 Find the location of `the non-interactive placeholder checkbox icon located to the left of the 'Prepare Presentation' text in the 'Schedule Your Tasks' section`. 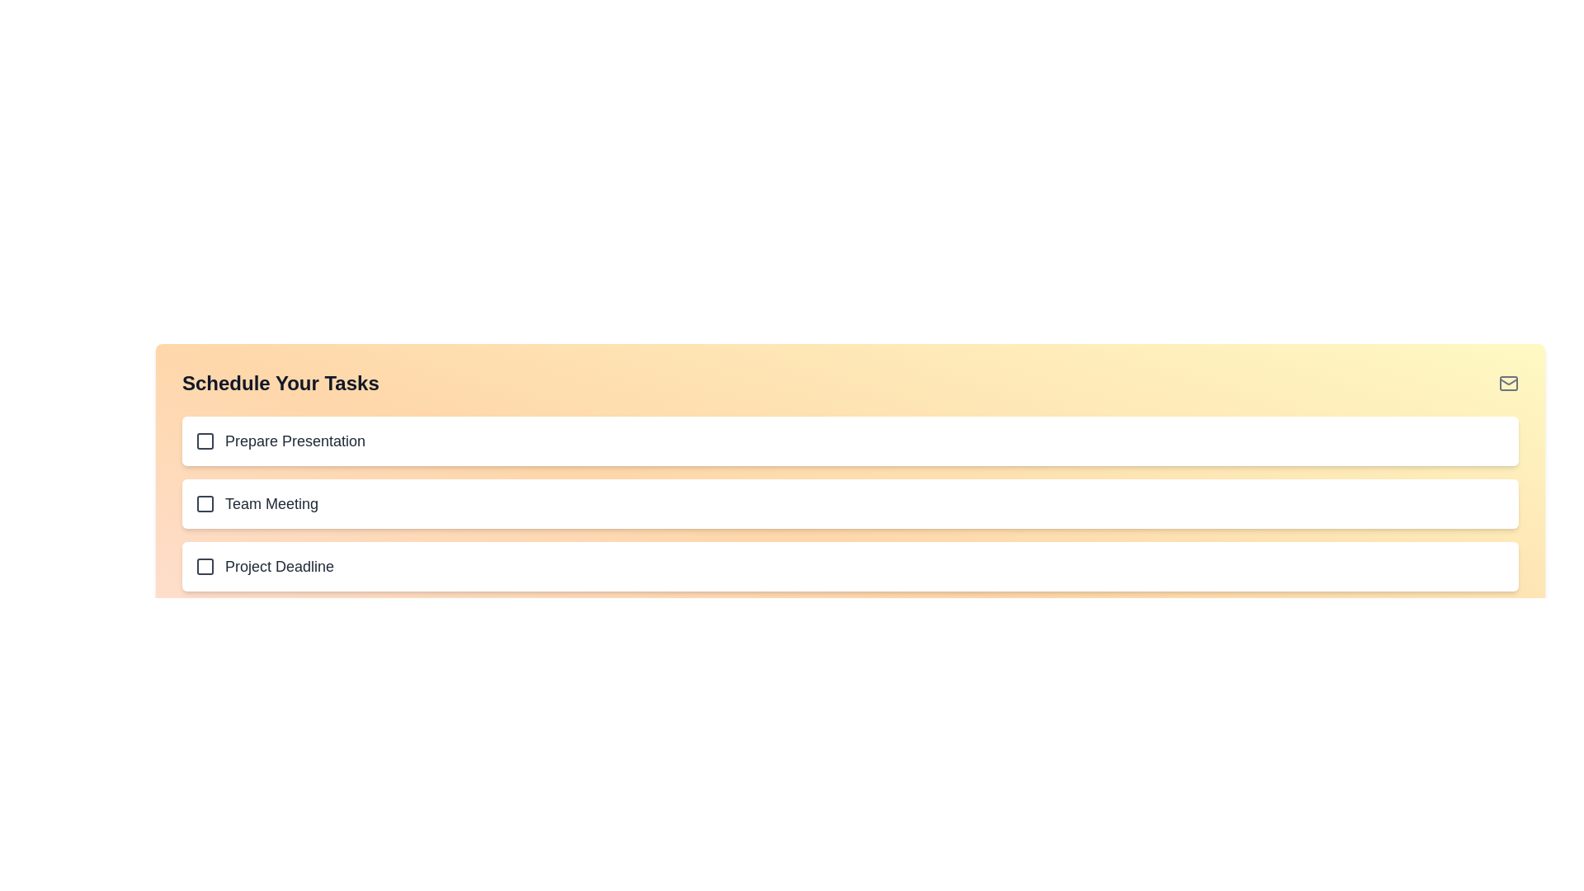

the non-interactive placeholder checkbox icon located to the left of the 'Prepare Presentation' text in the 'Schedule Your Tasks' section is located at coordinates (205, 441).